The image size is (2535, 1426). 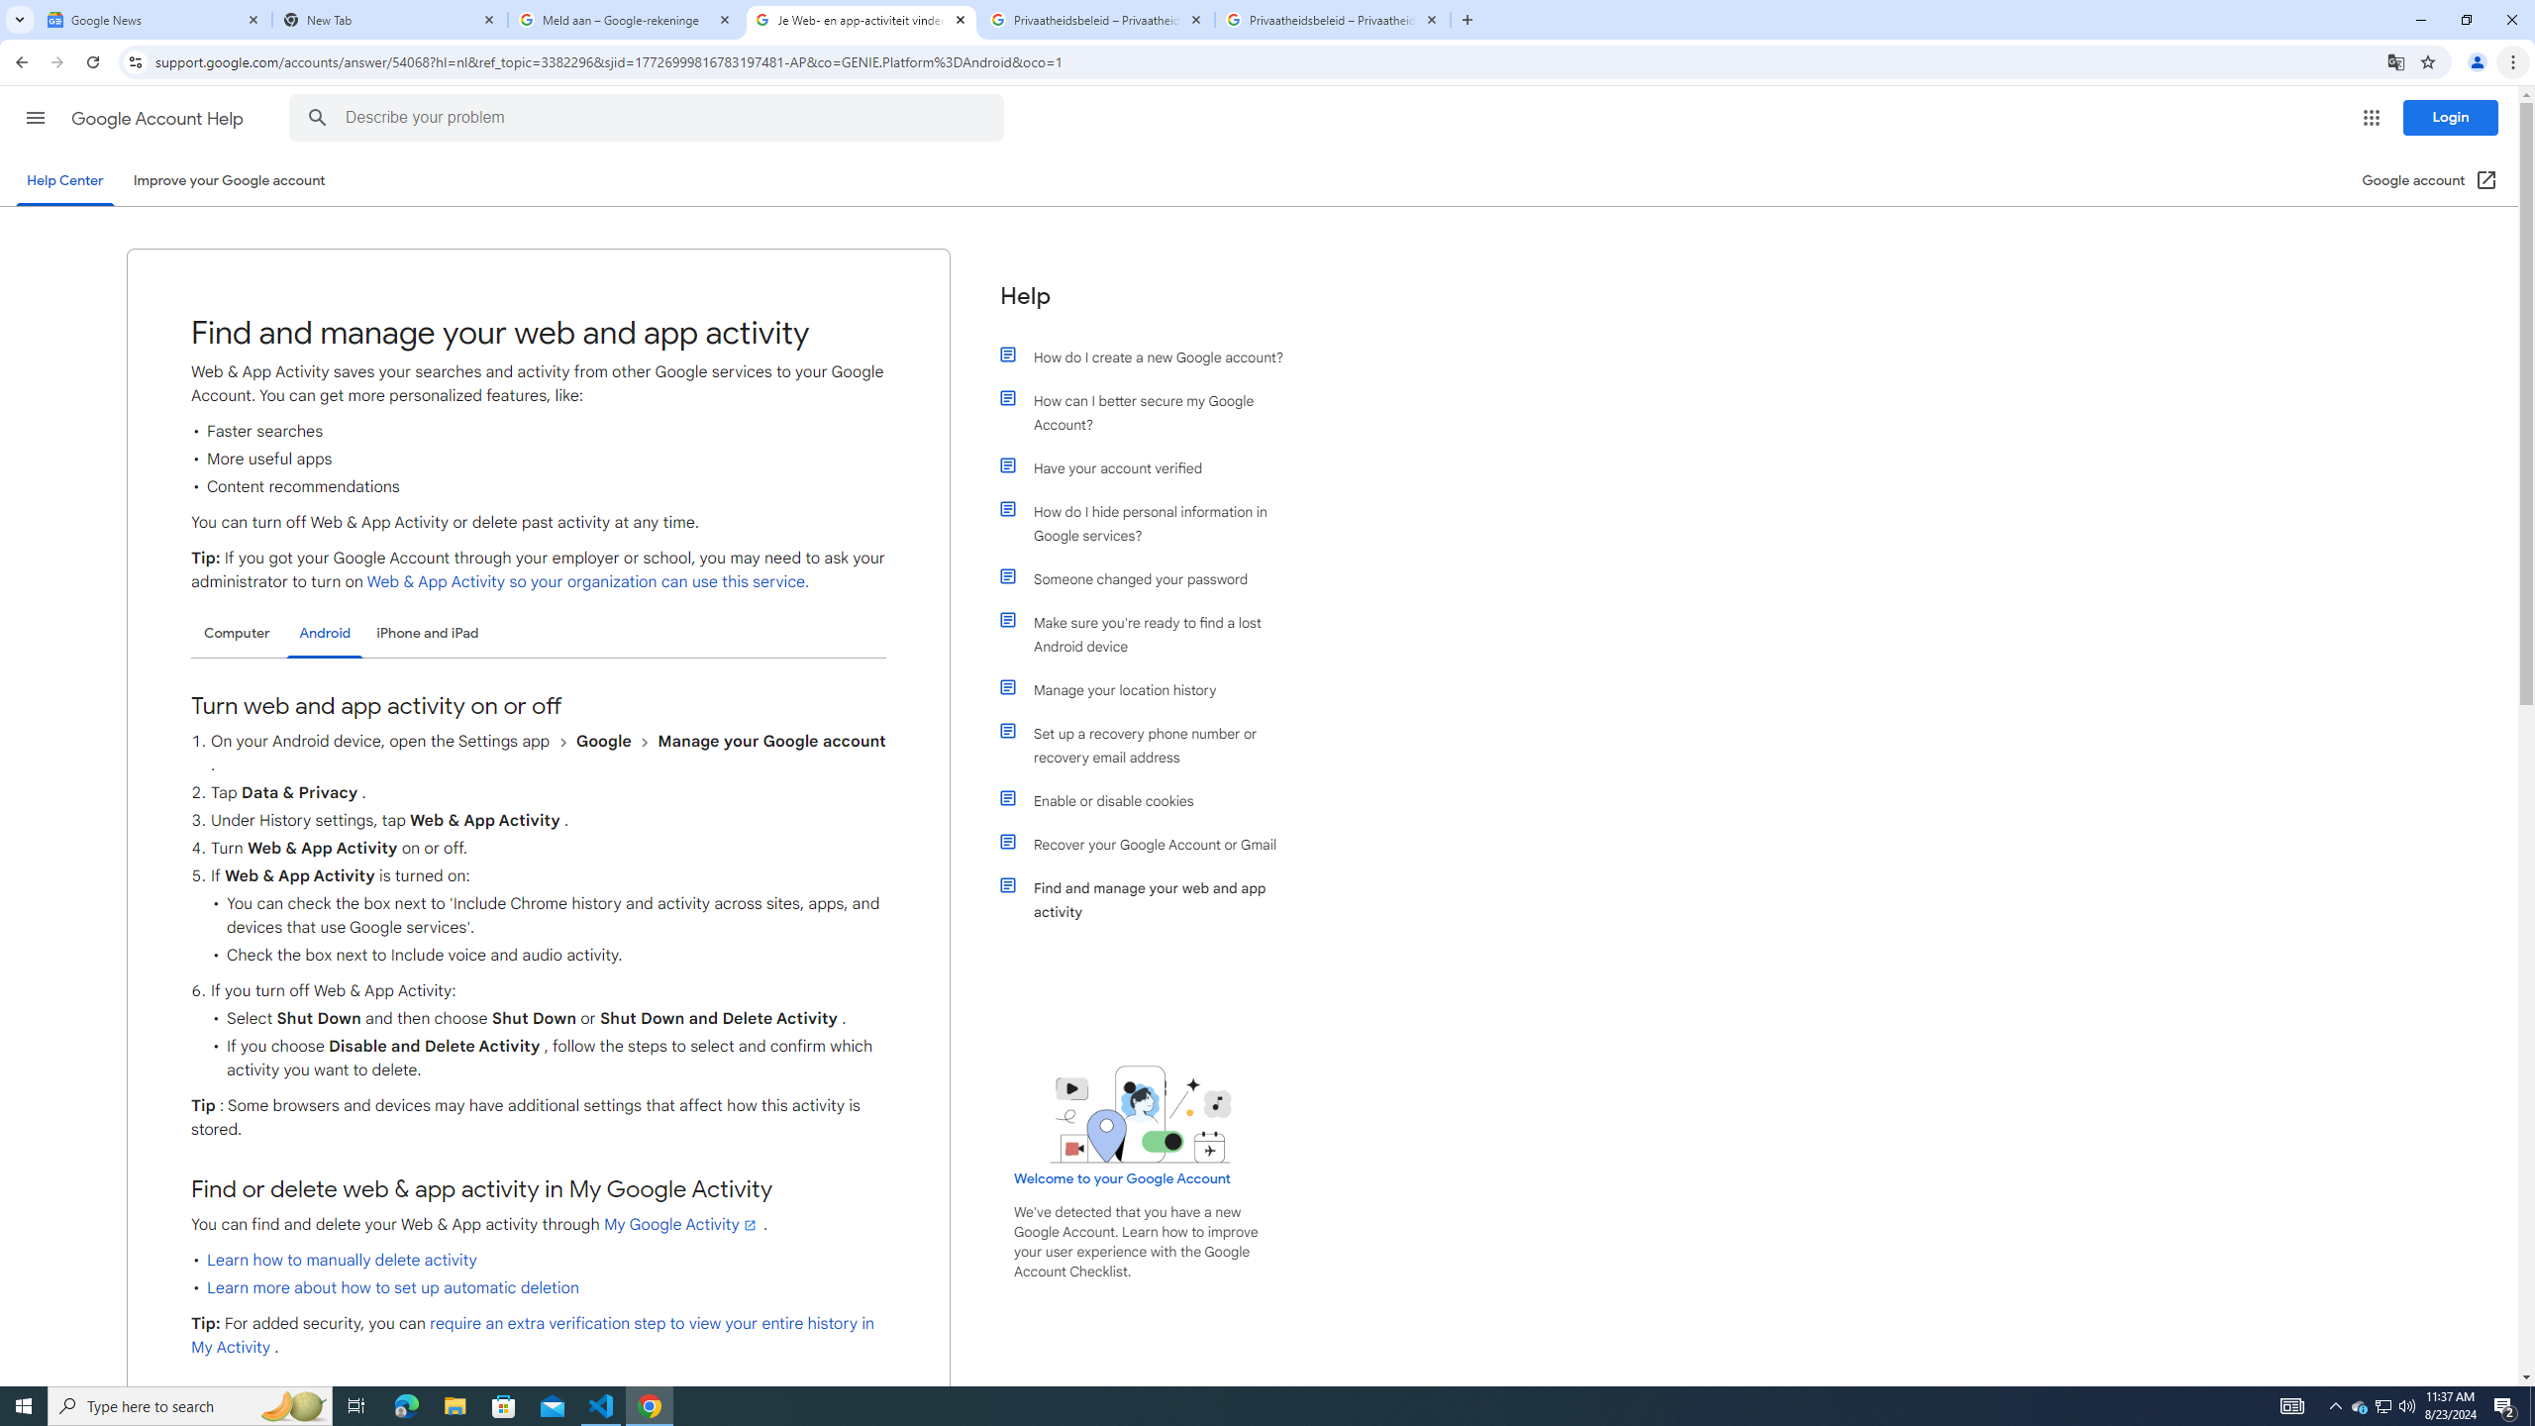 What do you see at coordinates (1151, 411) in the screenshot?
I see `'How can I better secure my Google Account?'` at bounding box center [1151, 411].